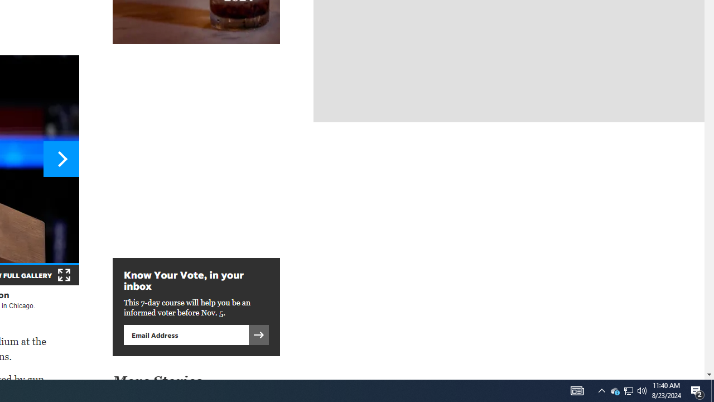 This screenshot has height=402, width=714. What do you see at coordinates (186, 334) in the screenshot?
I see `'Email address'` at bounding box center [186, 334].